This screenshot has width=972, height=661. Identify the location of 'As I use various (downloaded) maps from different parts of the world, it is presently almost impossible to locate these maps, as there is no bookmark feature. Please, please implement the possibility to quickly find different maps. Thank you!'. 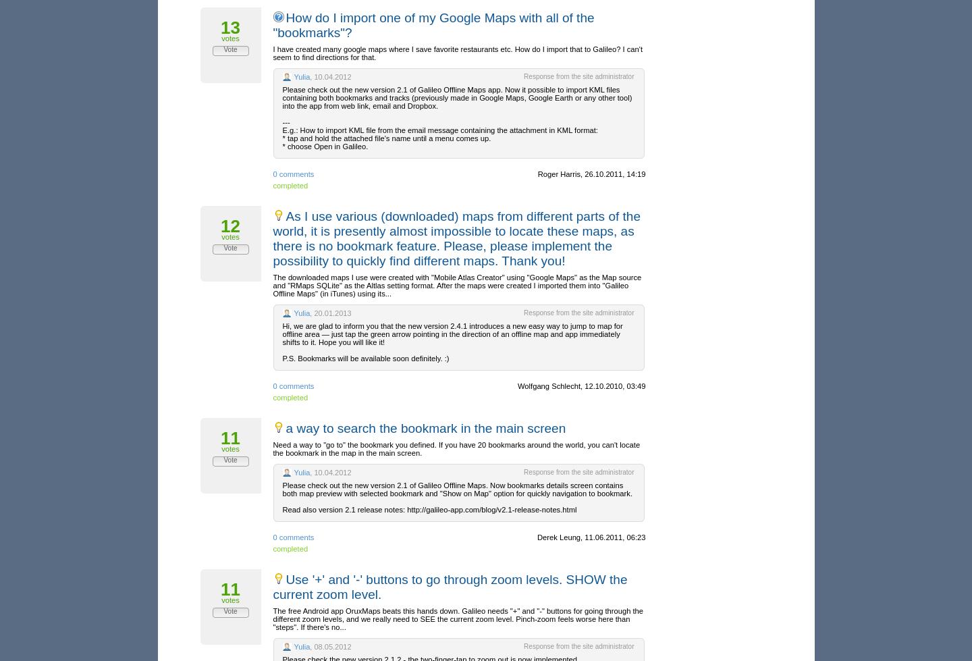
(456, 238).